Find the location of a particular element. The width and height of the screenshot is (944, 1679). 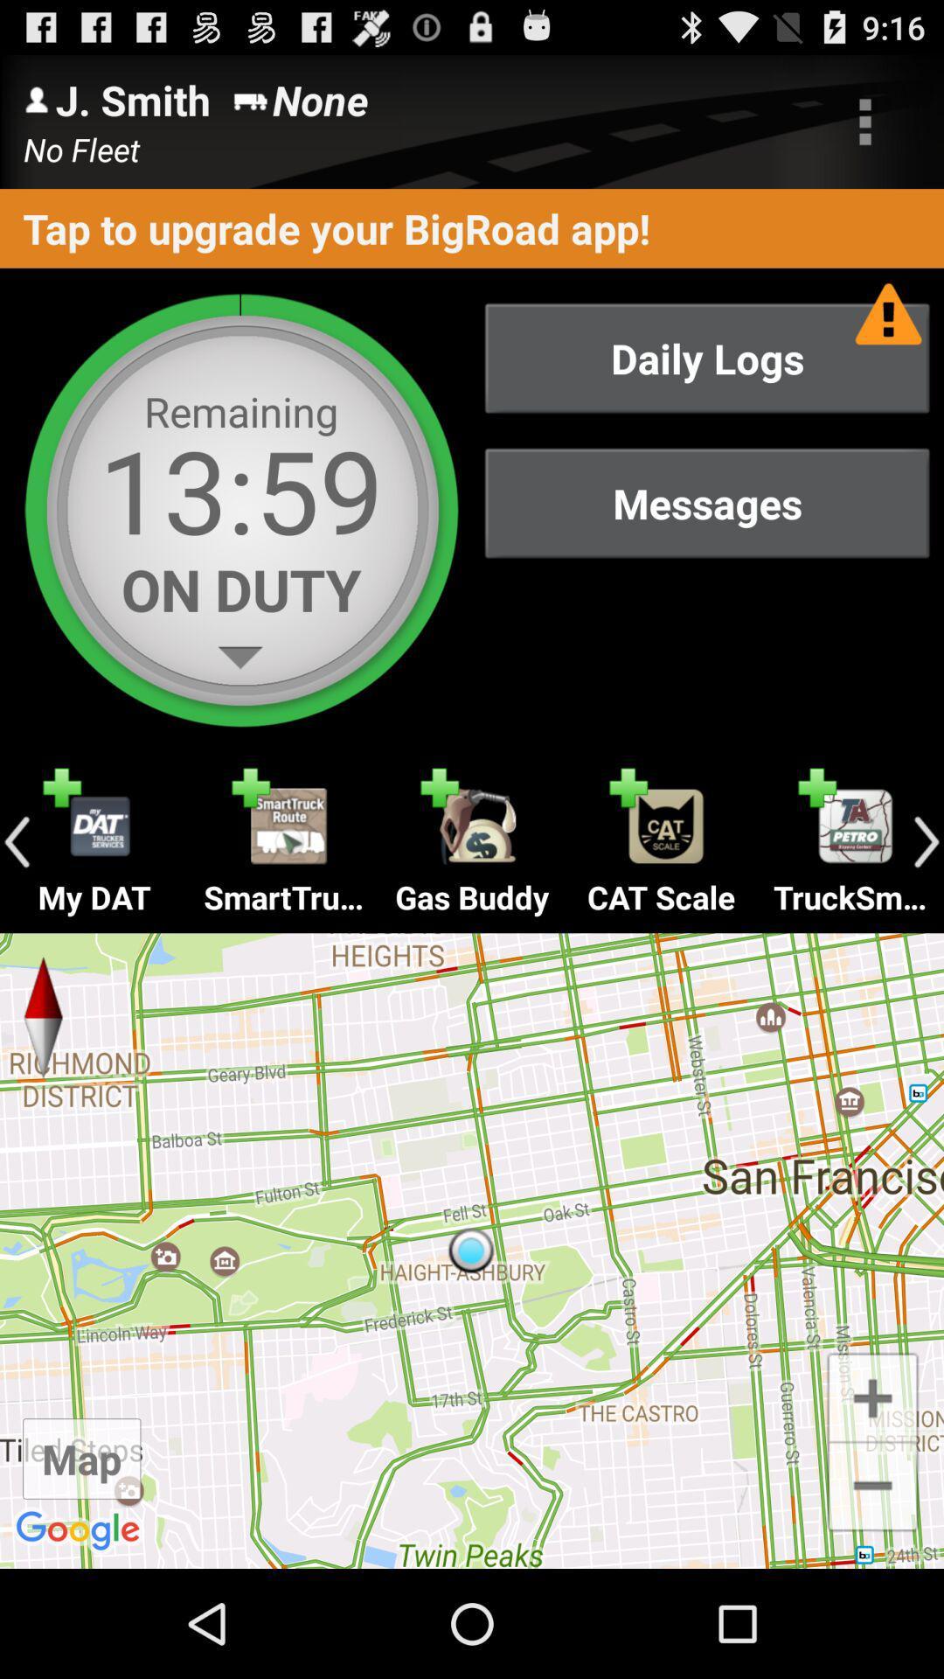

zoom out is located at coordinates (872, 1487).